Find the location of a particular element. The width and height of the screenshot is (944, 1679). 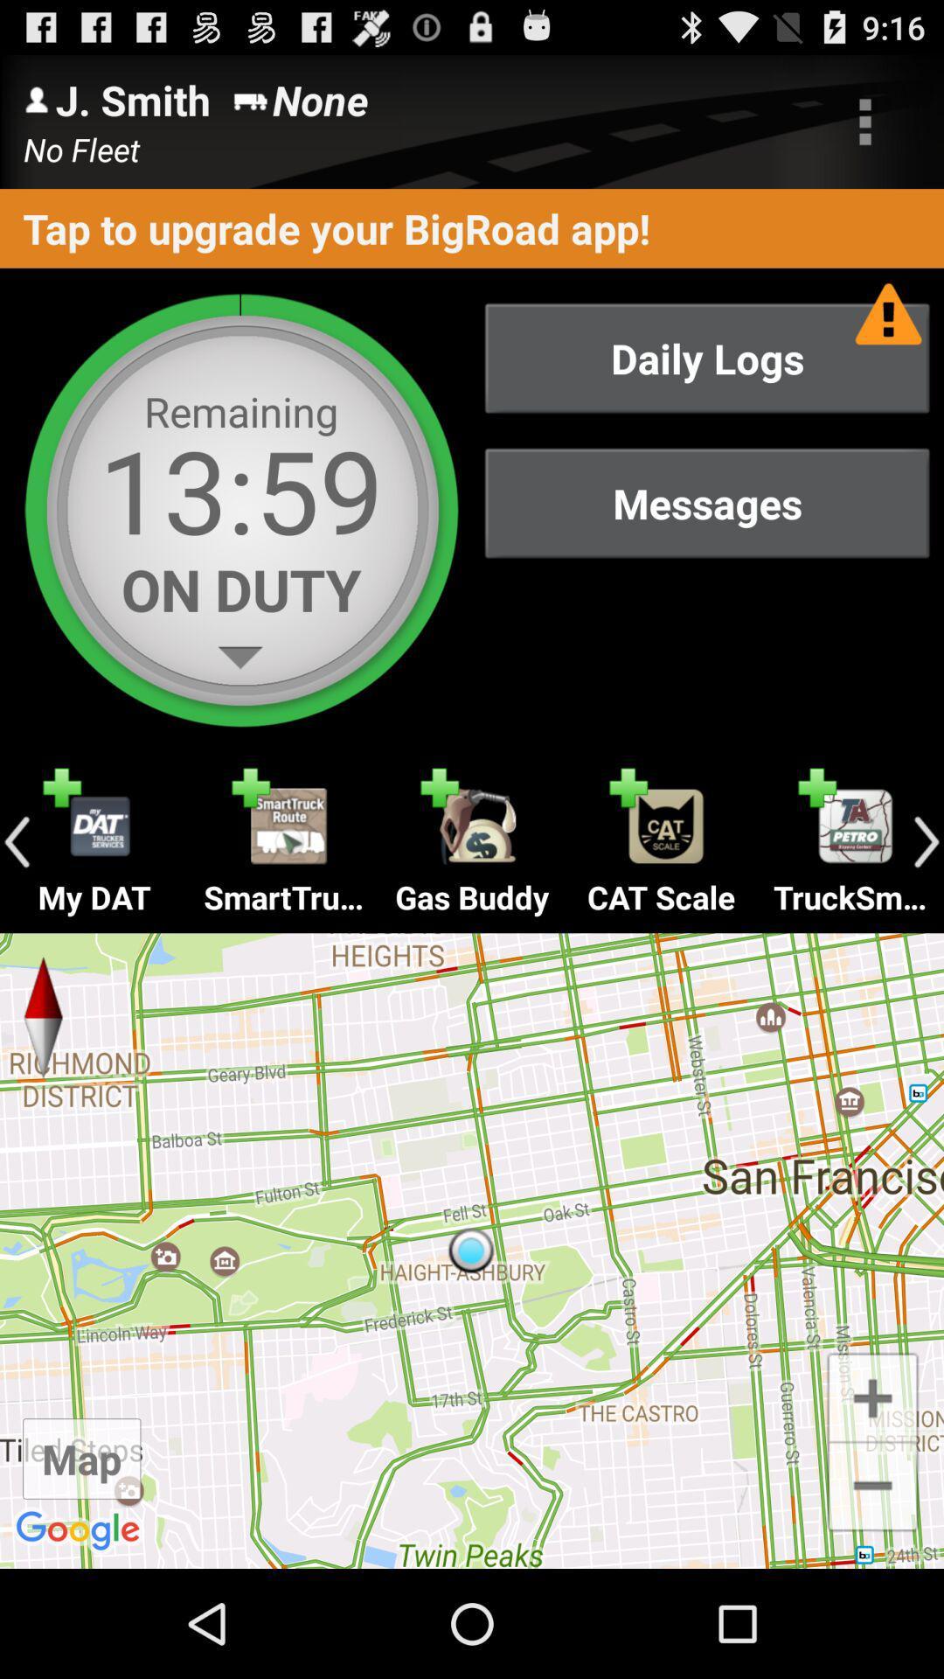

zoom out is located at coordinates (872, 1487).